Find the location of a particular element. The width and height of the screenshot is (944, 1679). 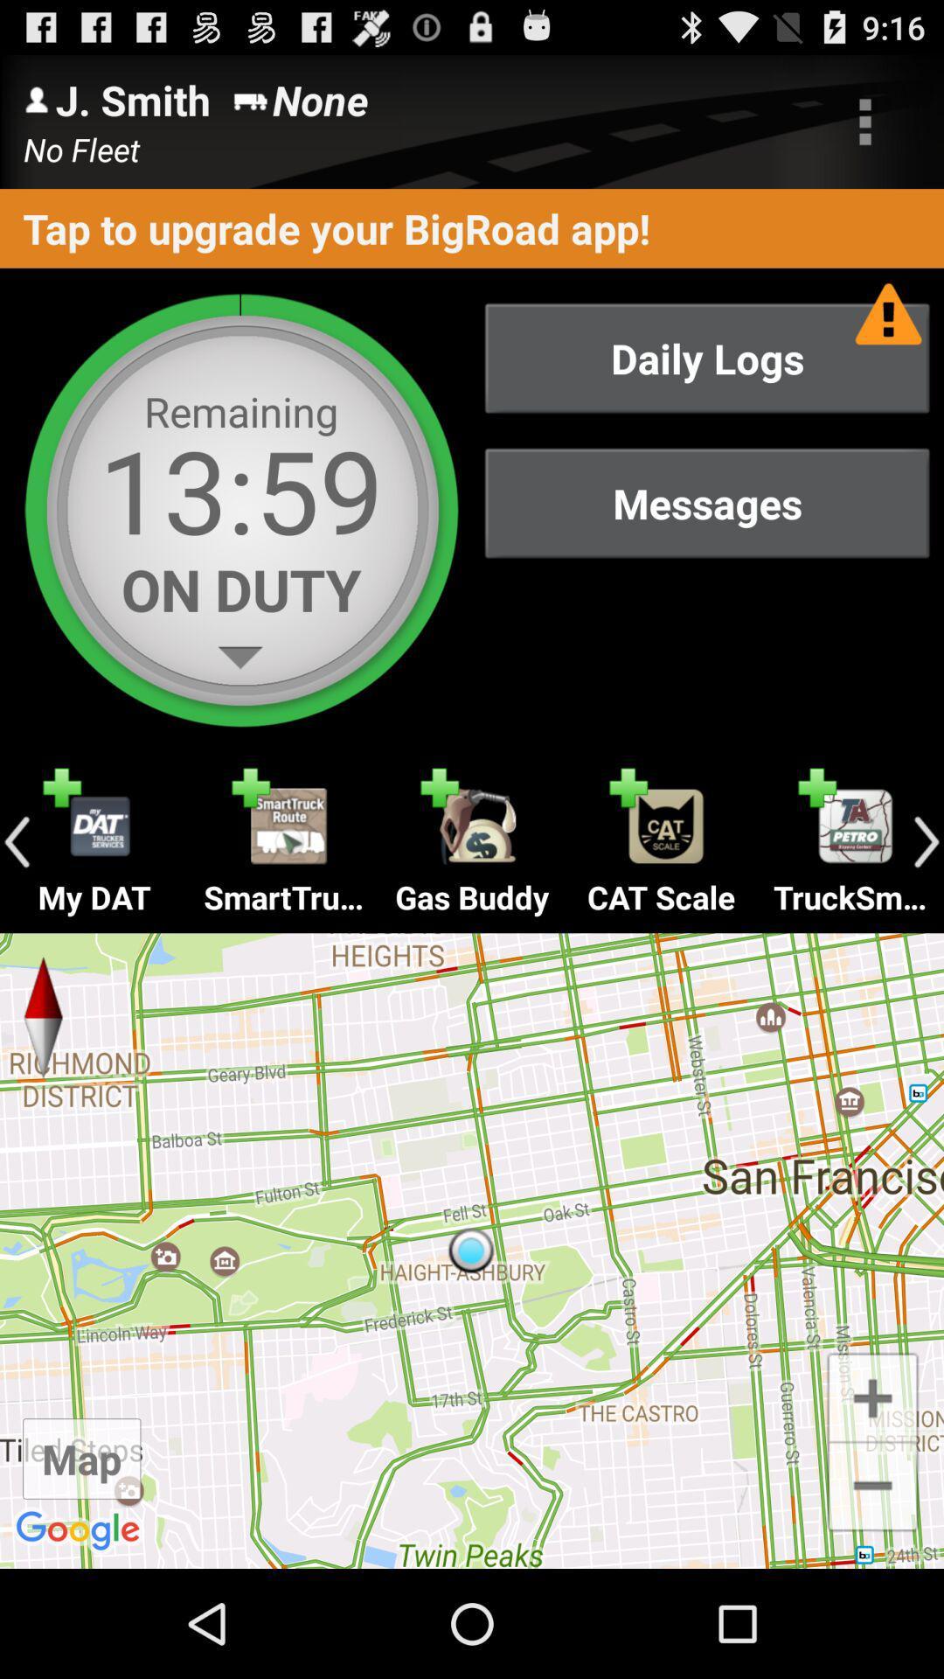

zoom out is located at coordinates (872, 1487).